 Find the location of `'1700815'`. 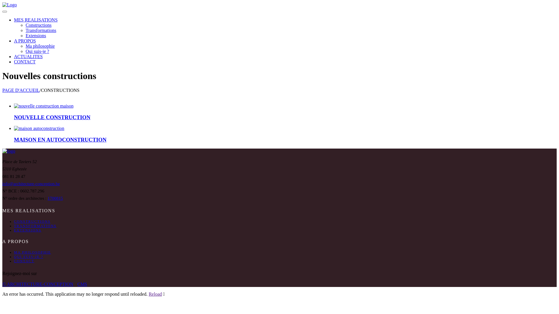

'1700815' is located at coordinates (55, 198).